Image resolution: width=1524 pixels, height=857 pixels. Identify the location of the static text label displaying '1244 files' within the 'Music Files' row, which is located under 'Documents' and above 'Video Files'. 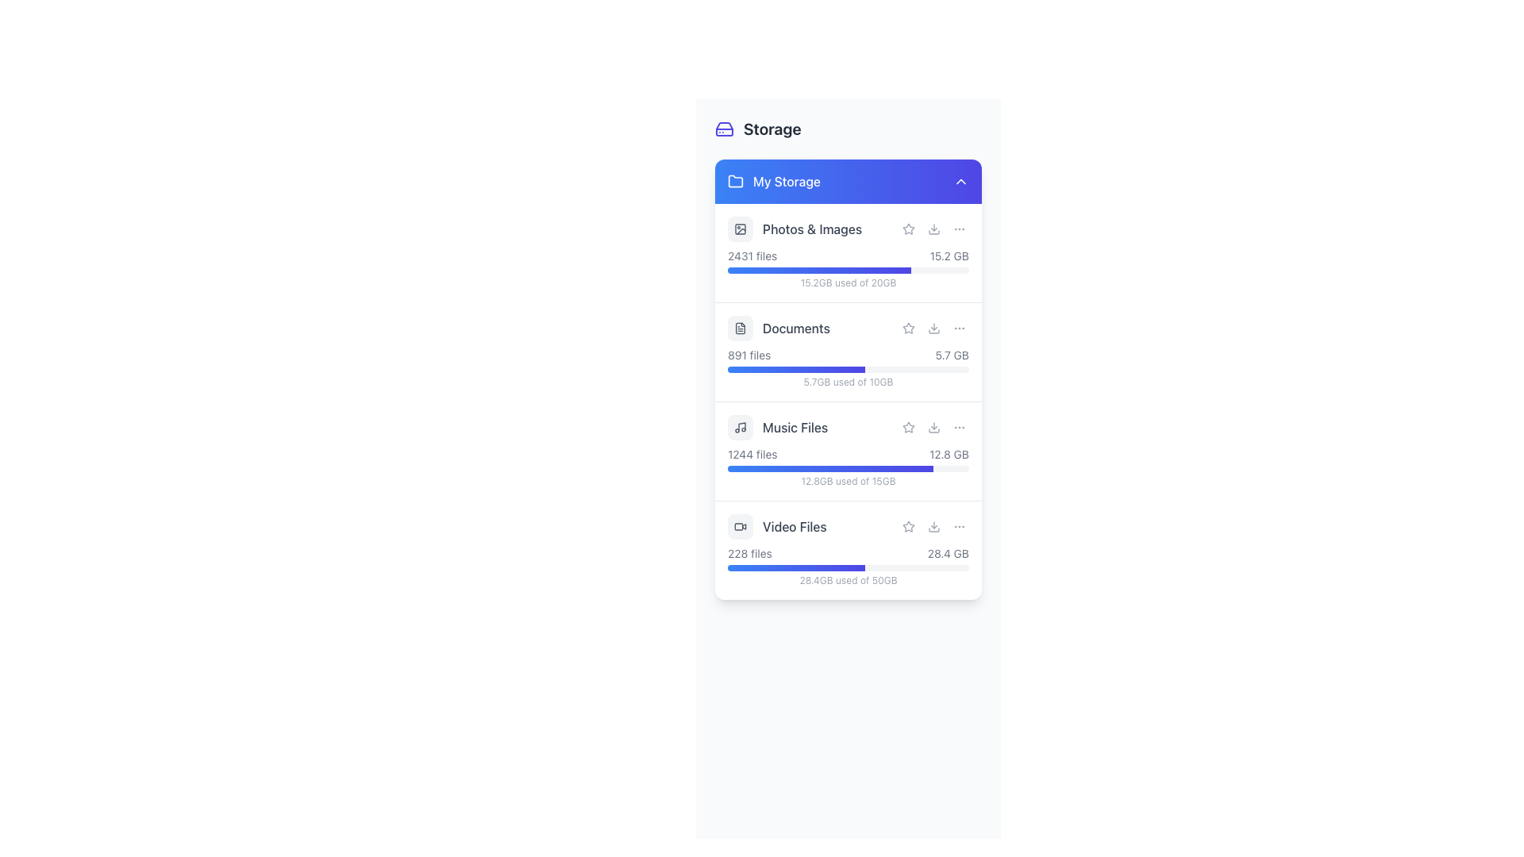
(752, 455).